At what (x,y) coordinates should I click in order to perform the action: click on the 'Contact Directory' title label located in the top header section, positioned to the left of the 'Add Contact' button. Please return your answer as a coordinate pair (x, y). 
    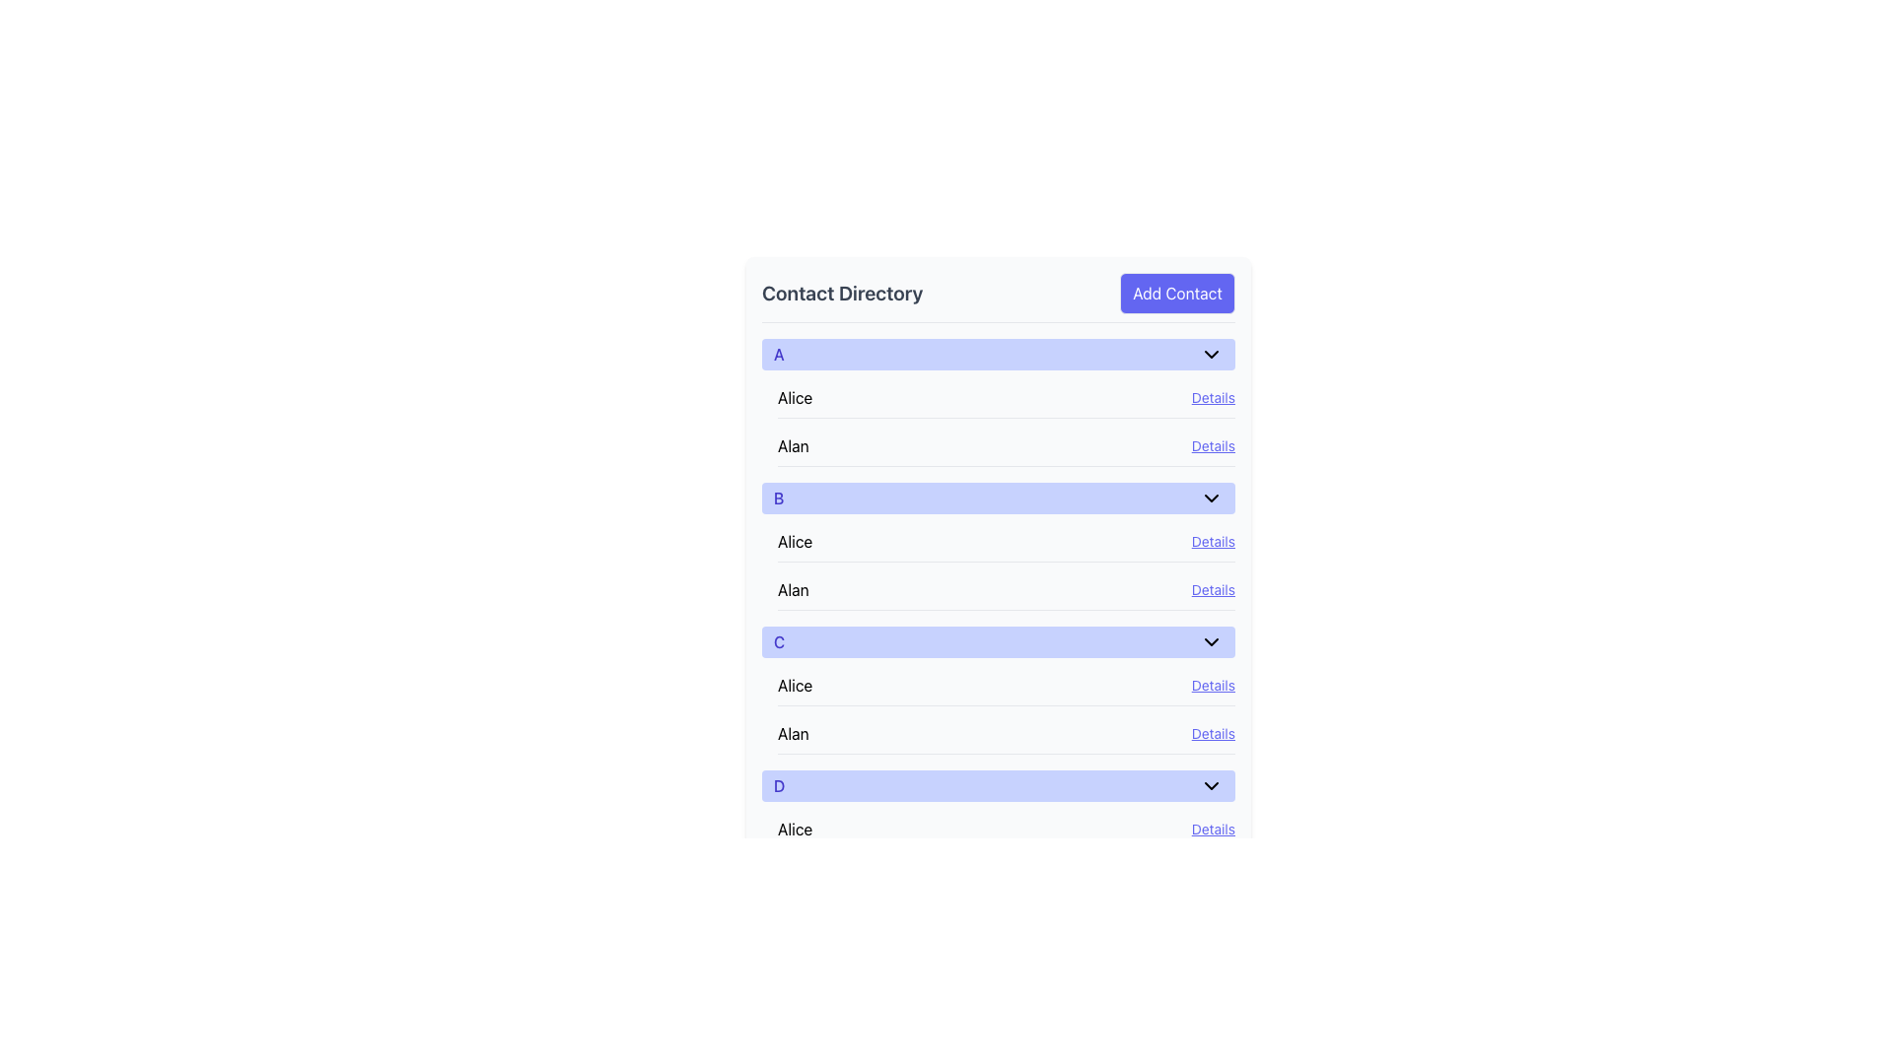
    Looking at the image, I should click on (842, 293).